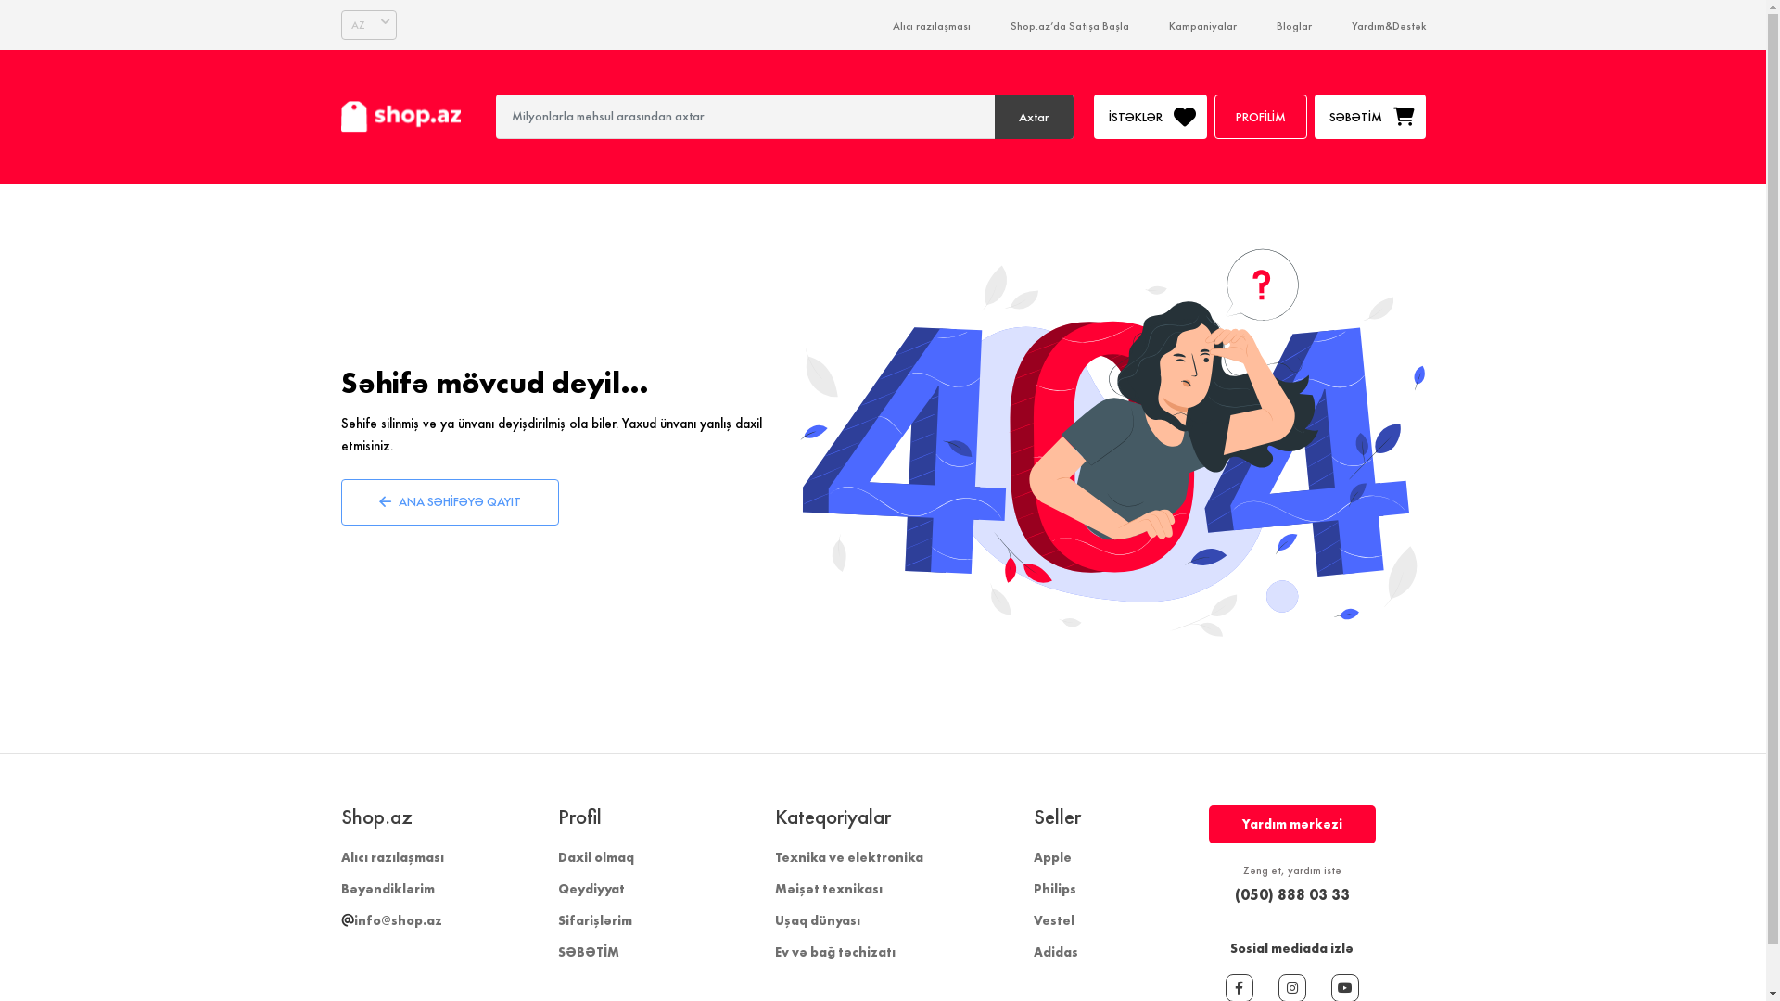  What do you see at coordinates (1292, 25) in the screenshot?
I see `'Bloglar'` at bounding box center [1292, 25].